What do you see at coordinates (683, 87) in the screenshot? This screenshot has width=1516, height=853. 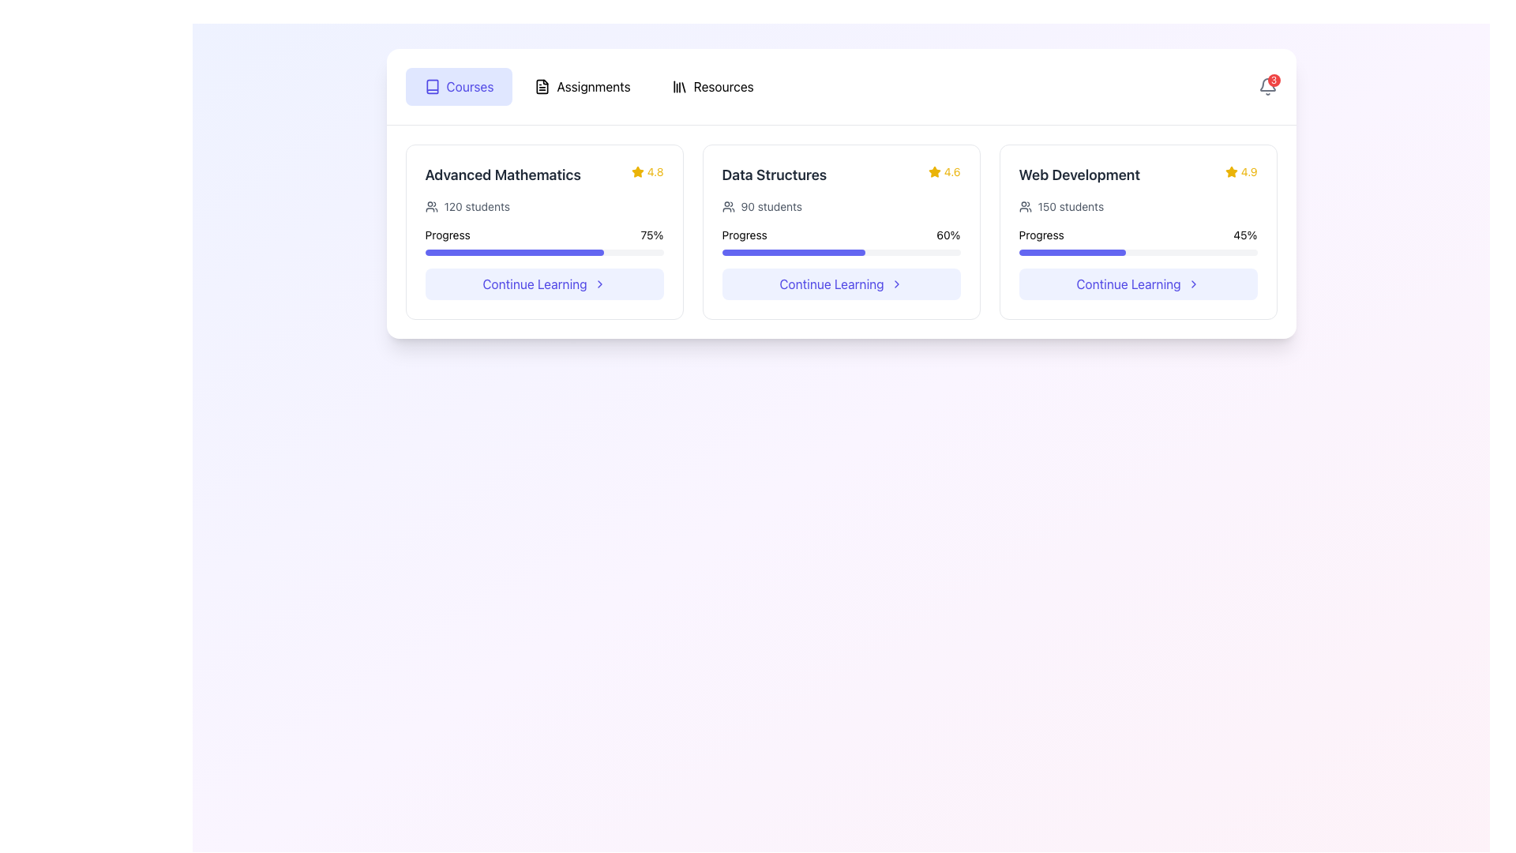 I see `the second vertical line icon in the top menu bar, which is part of a group of four similar lines` at bounding box center [683, 87].